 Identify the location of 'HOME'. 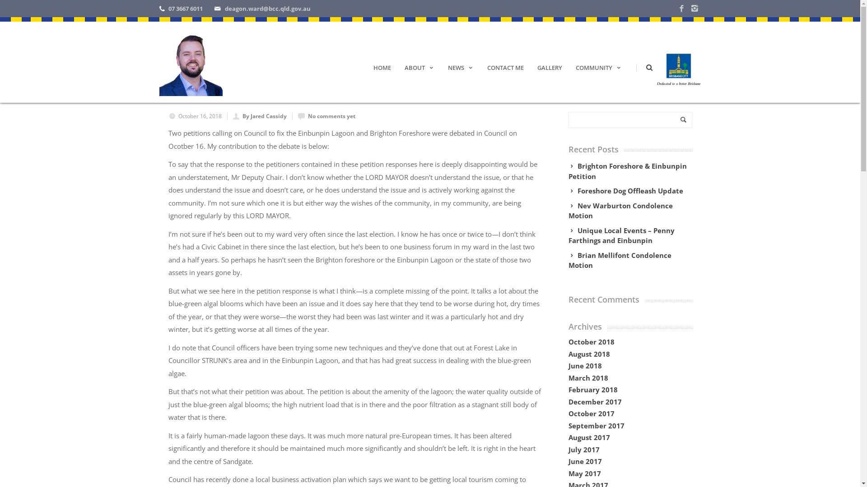
(382, 66).